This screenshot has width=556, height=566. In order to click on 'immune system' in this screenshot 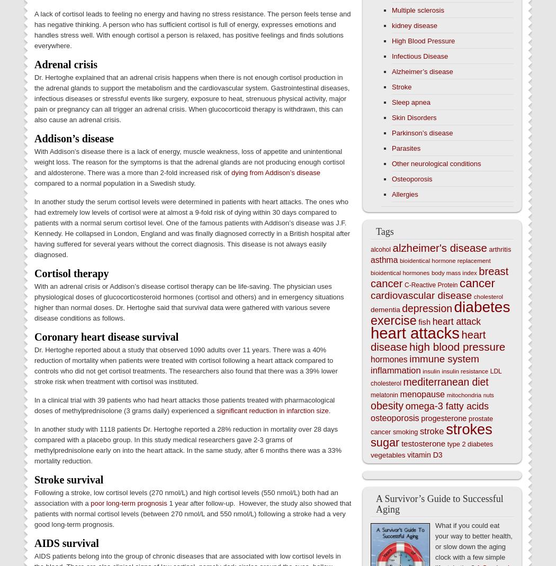, I will do `click(444, 359)`.